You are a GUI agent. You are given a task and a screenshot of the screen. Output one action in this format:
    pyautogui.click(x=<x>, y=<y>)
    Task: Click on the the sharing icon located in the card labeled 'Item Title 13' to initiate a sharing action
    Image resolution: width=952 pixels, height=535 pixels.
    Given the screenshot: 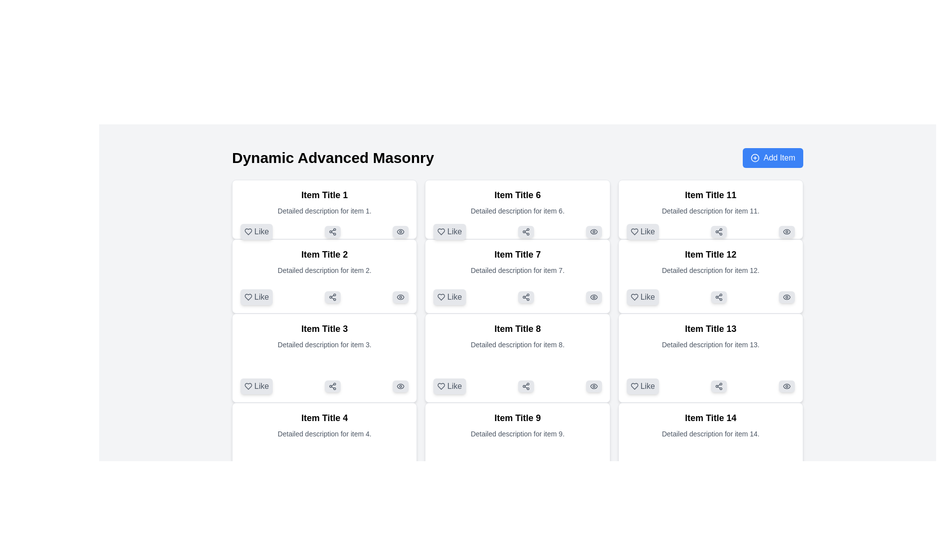 What is the action you would take?
    pyautogui.click(x=718, y=385)
    